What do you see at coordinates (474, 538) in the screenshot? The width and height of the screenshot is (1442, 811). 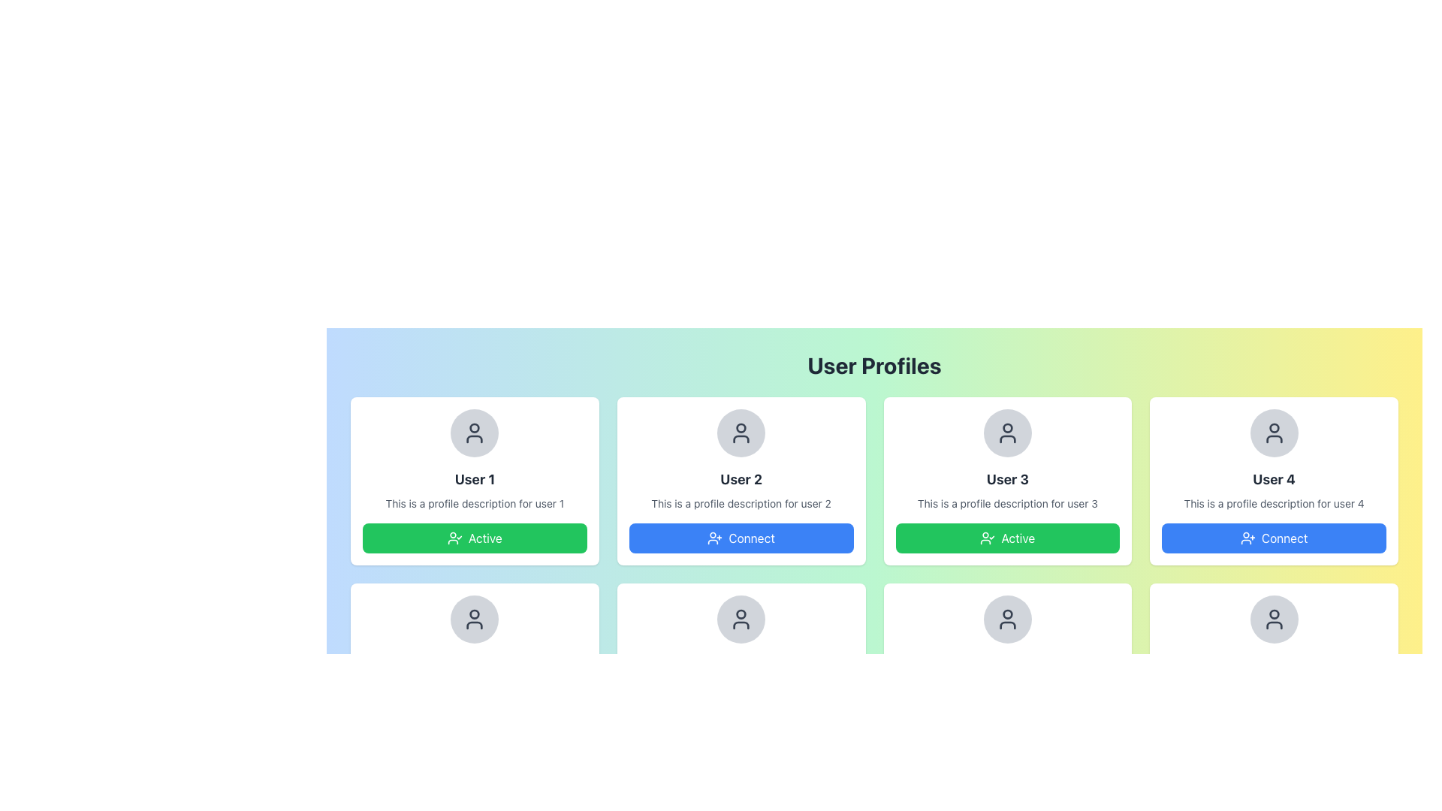 I see `the green rectangular button labeled 'Active' with a user-check icon` at bounding box center [474, 538].